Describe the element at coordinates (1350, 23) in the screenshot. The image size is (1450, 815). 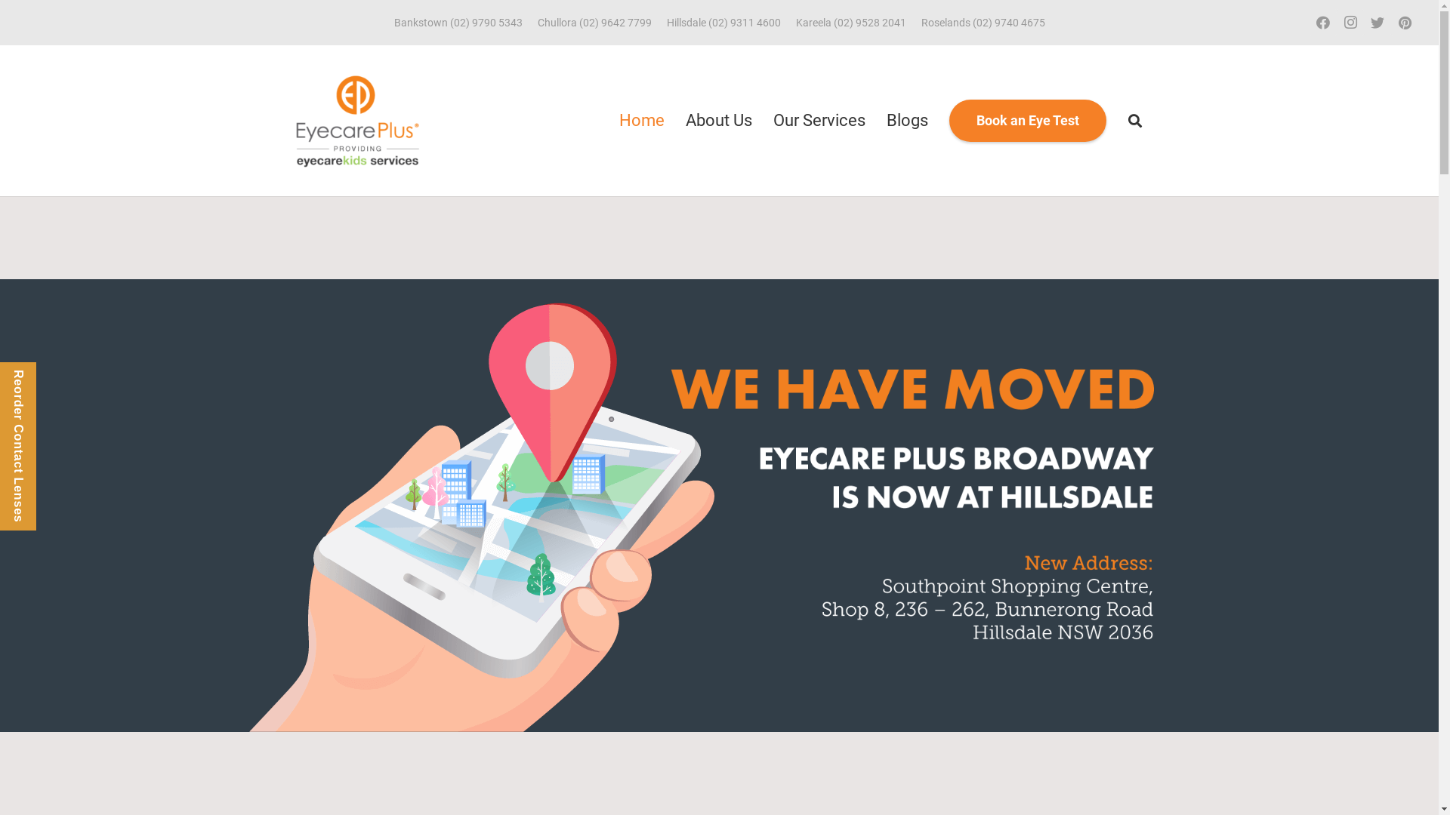
I see `'Instagram'` at that location.